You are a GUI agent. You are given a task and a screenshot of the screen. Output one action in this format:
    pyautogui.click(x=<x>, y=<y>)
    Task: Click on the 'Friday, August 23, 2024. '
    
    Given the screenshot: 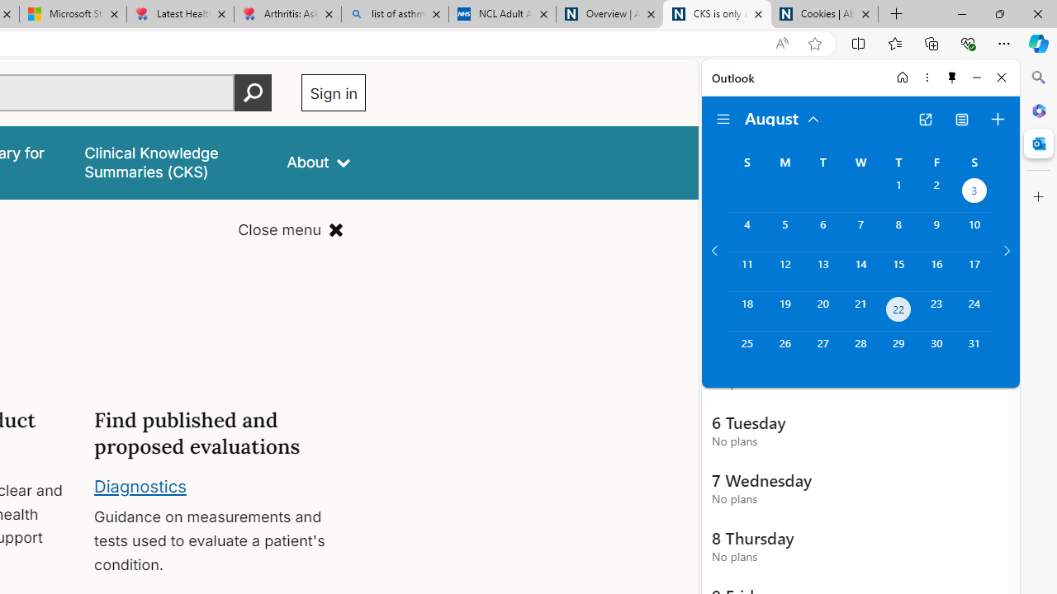 What is the action you would take?
    pyautogui.click(x=936, y=311)
    